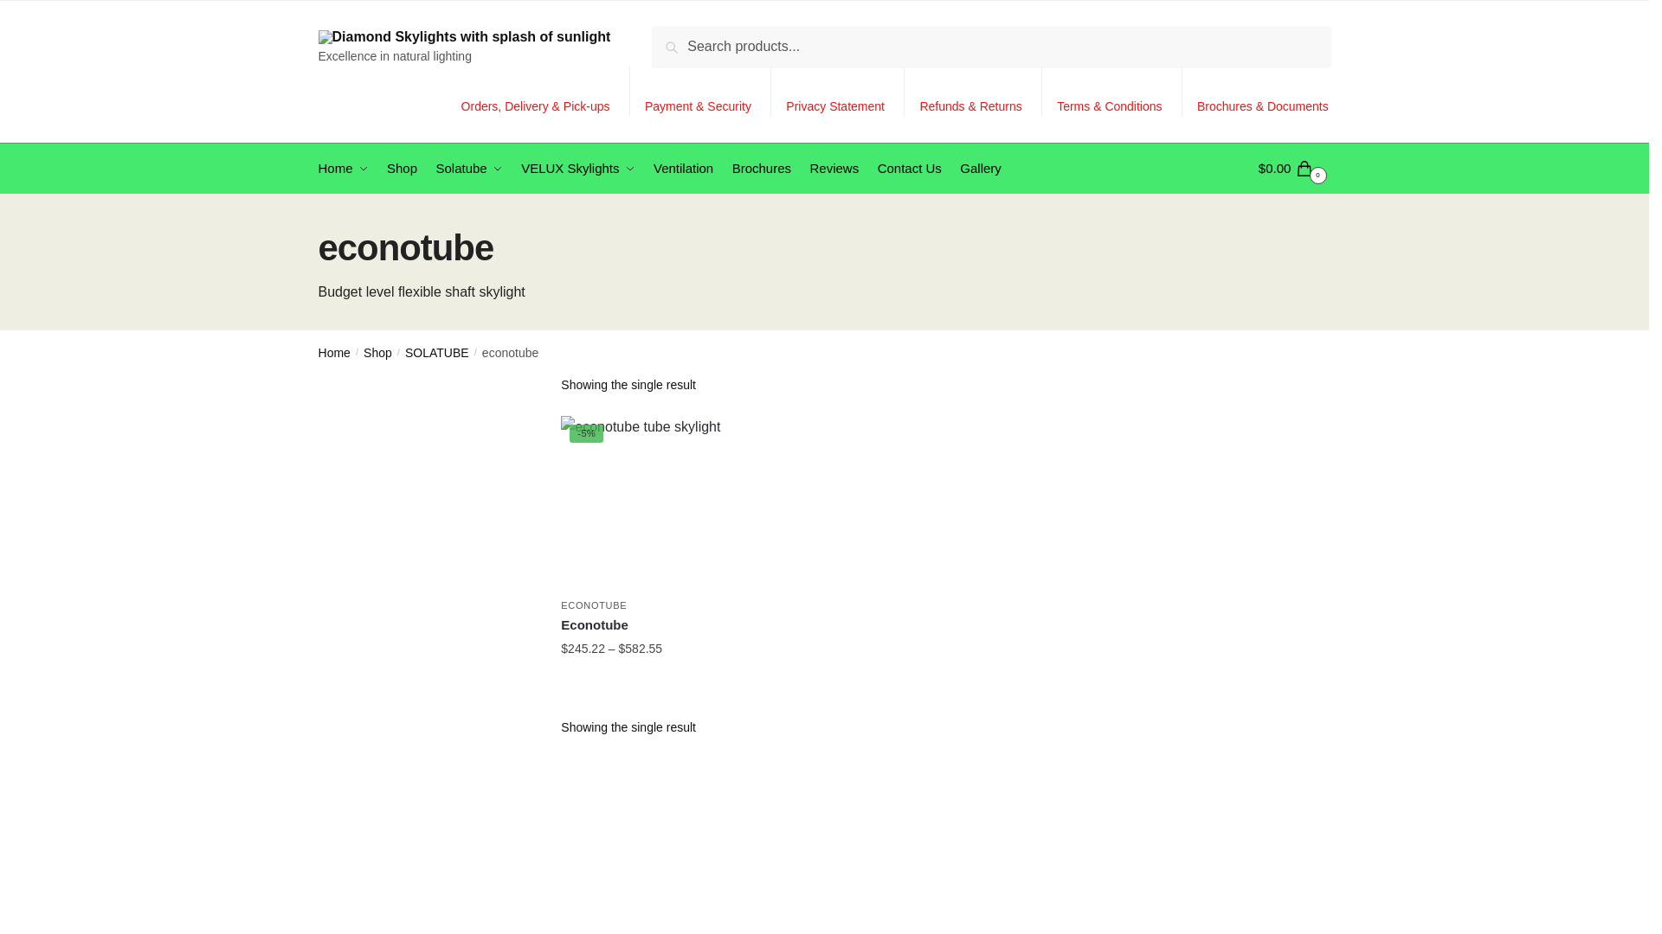  Describe the element at coordinates (908, 169) in the screenshot. I see `'Contact Us'` at that location.